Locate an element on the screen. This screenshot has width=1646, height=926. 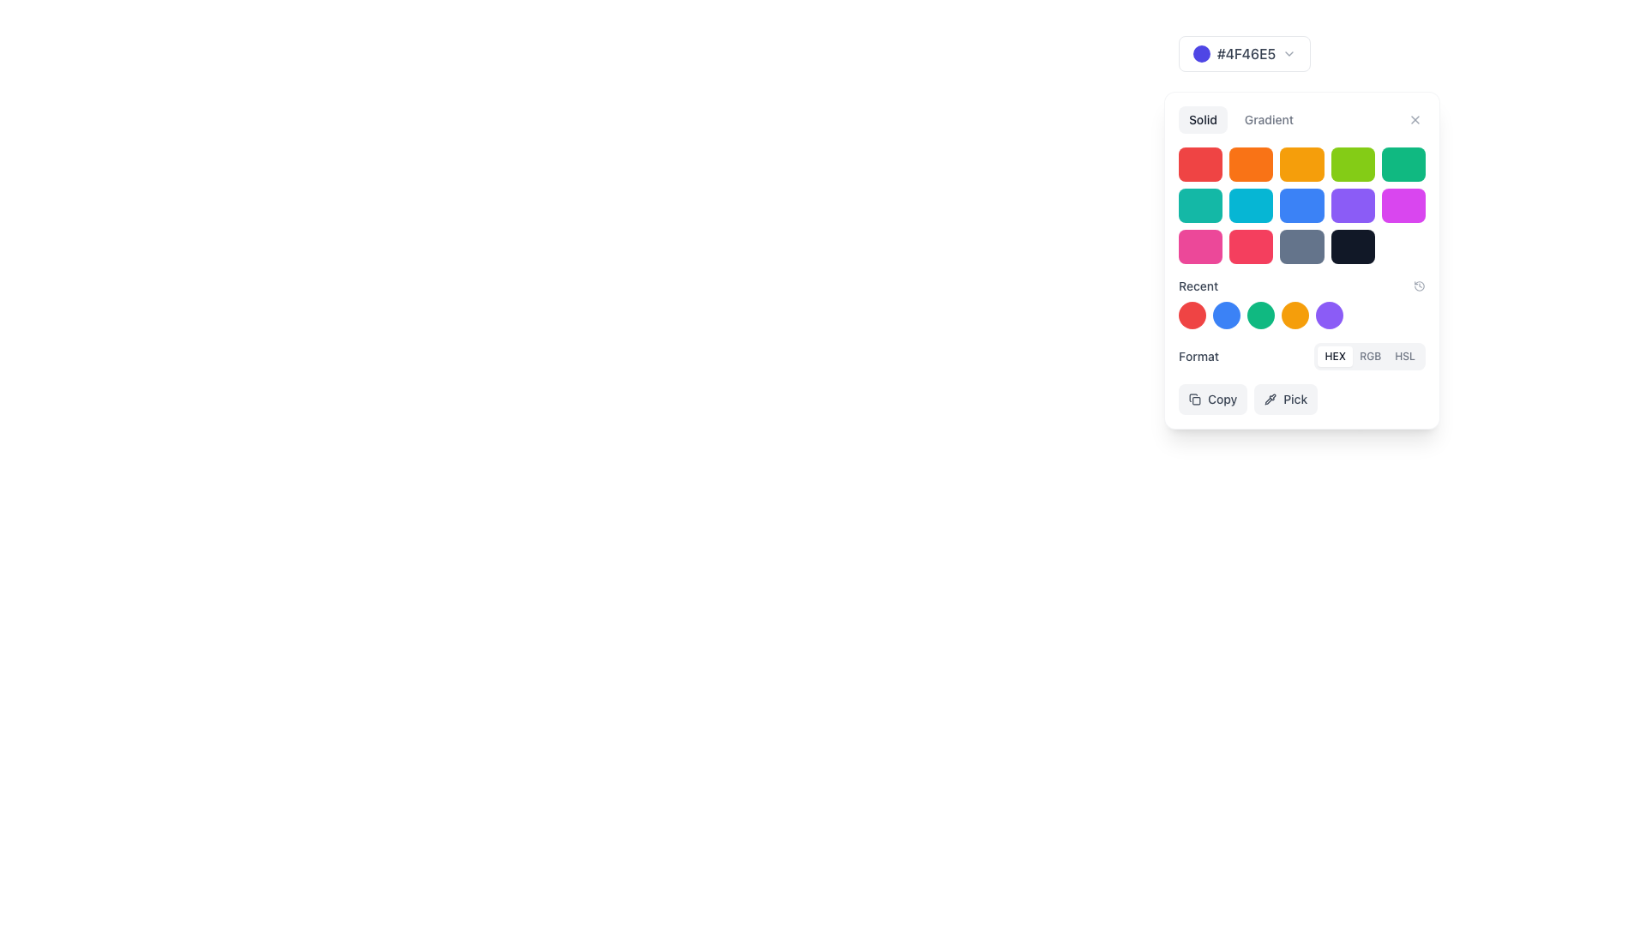
the close 'X' button located at the top-right corner of the color selection panel is located at coordinates (1415, 118).